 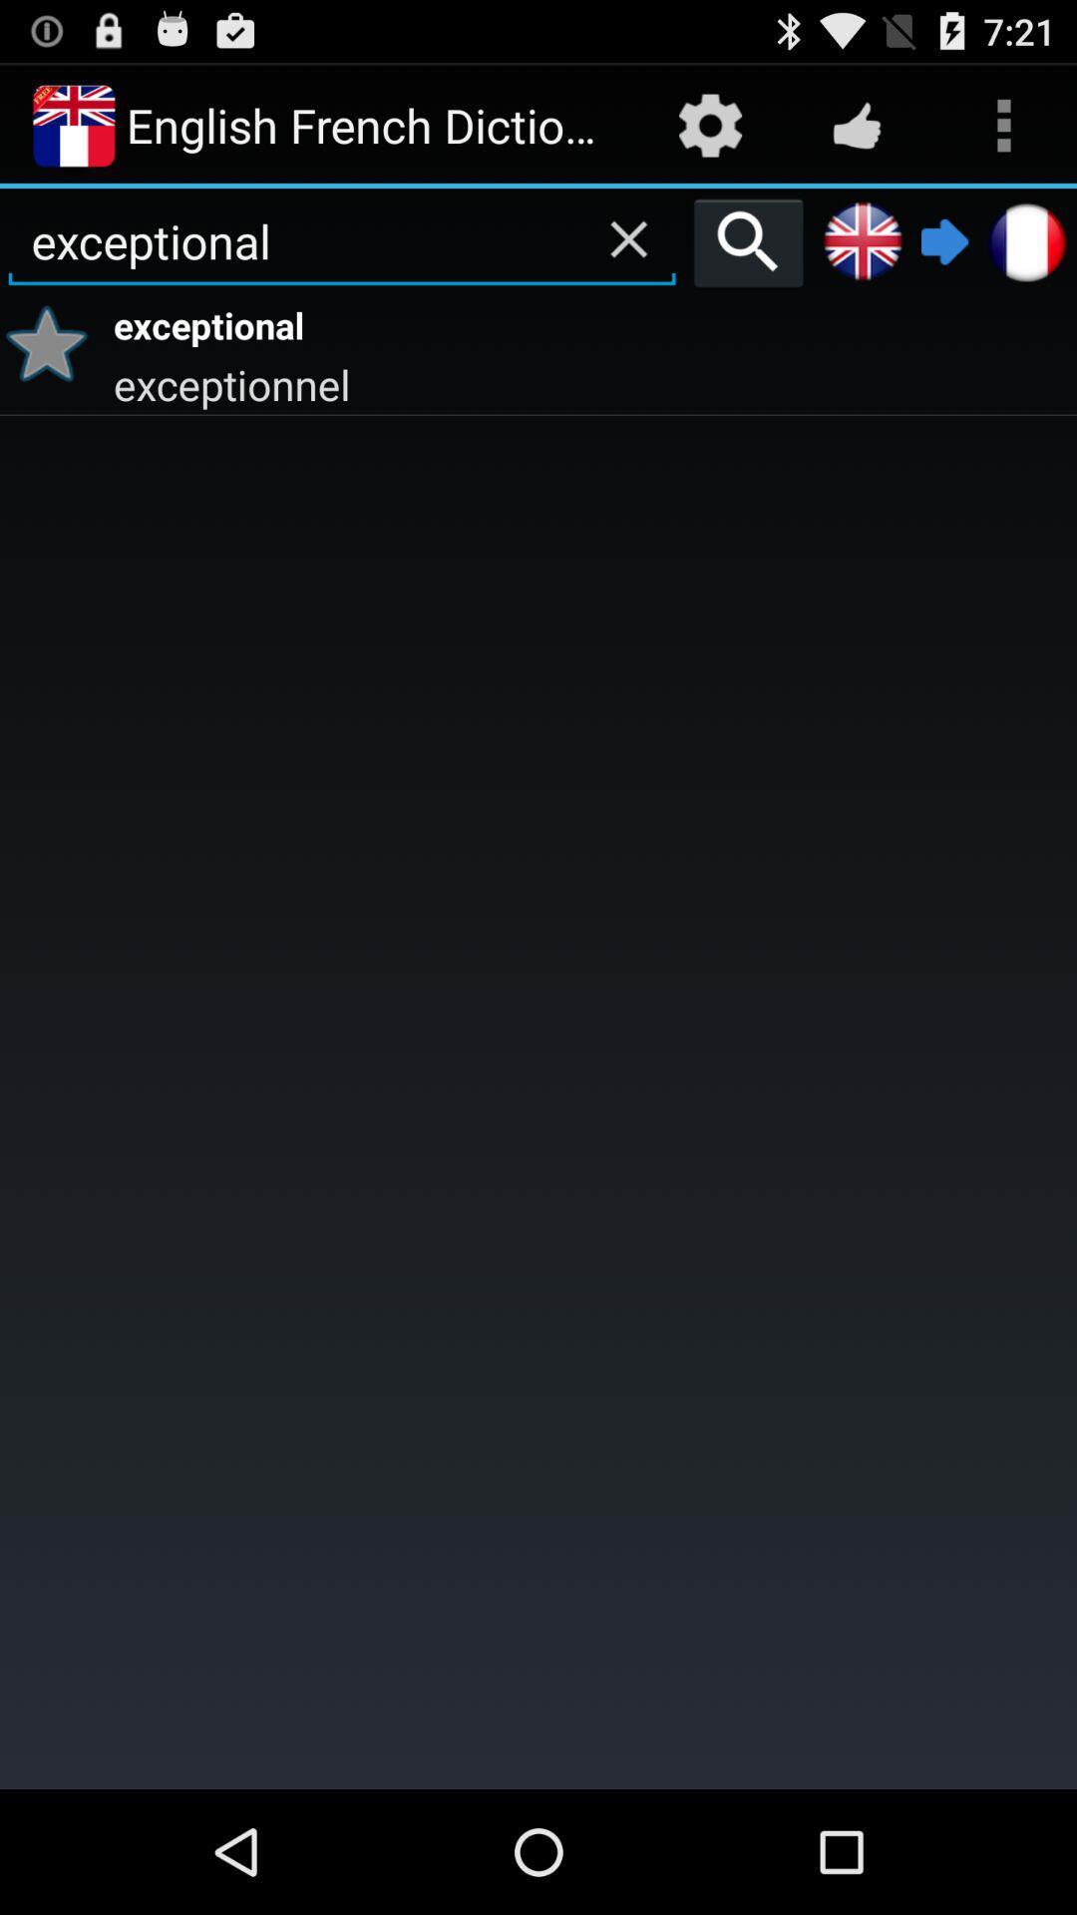 I want to click on the icon next to exceptional, so click(x=748, y=241).